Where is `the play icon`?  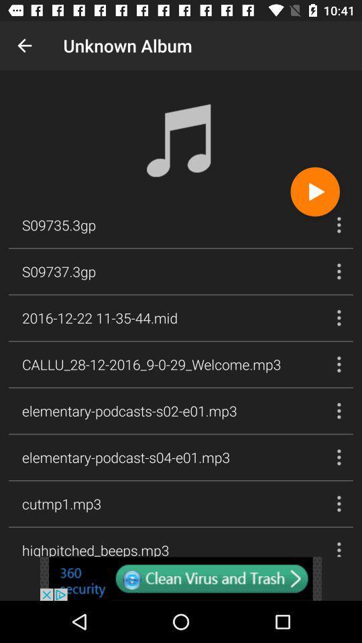
the play icon is located at coordinates (315, 191).